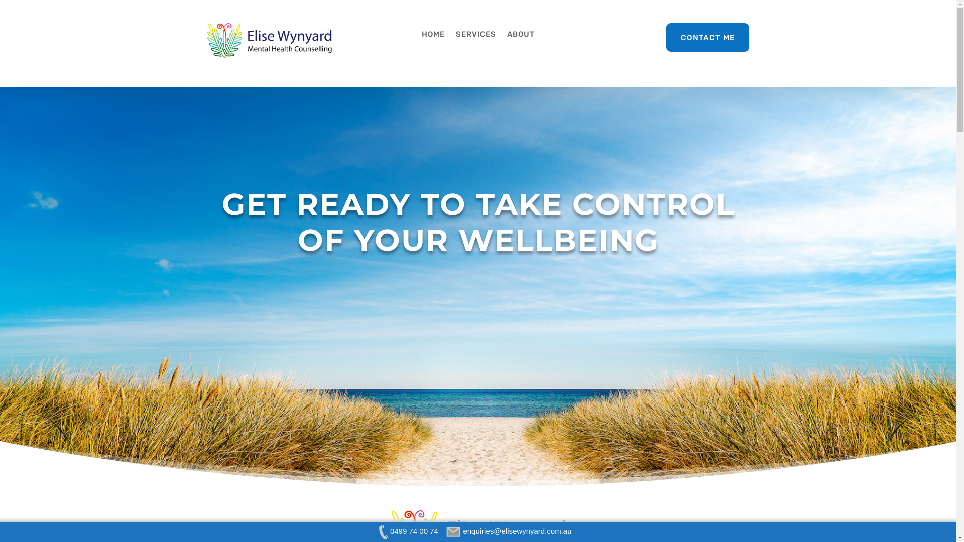 This screenshot has width=964, height=542. What do you see at coordinates (521, 36) in the screenshot?
I see `'ABOUT'` at bounding box center [521, 36].